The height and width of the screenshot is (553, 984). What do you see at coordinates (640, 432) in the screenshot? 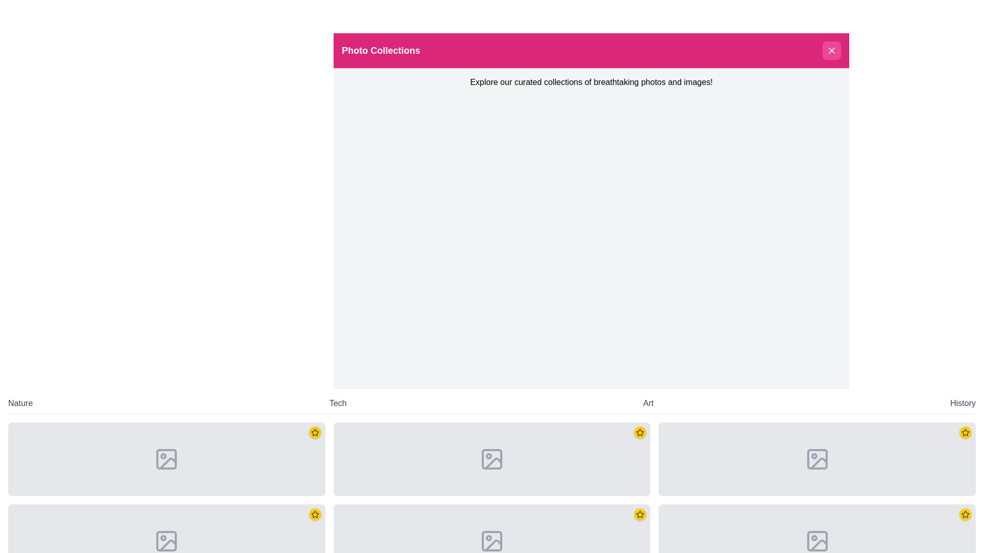
I see `the star-shaped button with a yellow background at the top-right corner of the card under the 'Art' category` at bounding box center [640, 432].